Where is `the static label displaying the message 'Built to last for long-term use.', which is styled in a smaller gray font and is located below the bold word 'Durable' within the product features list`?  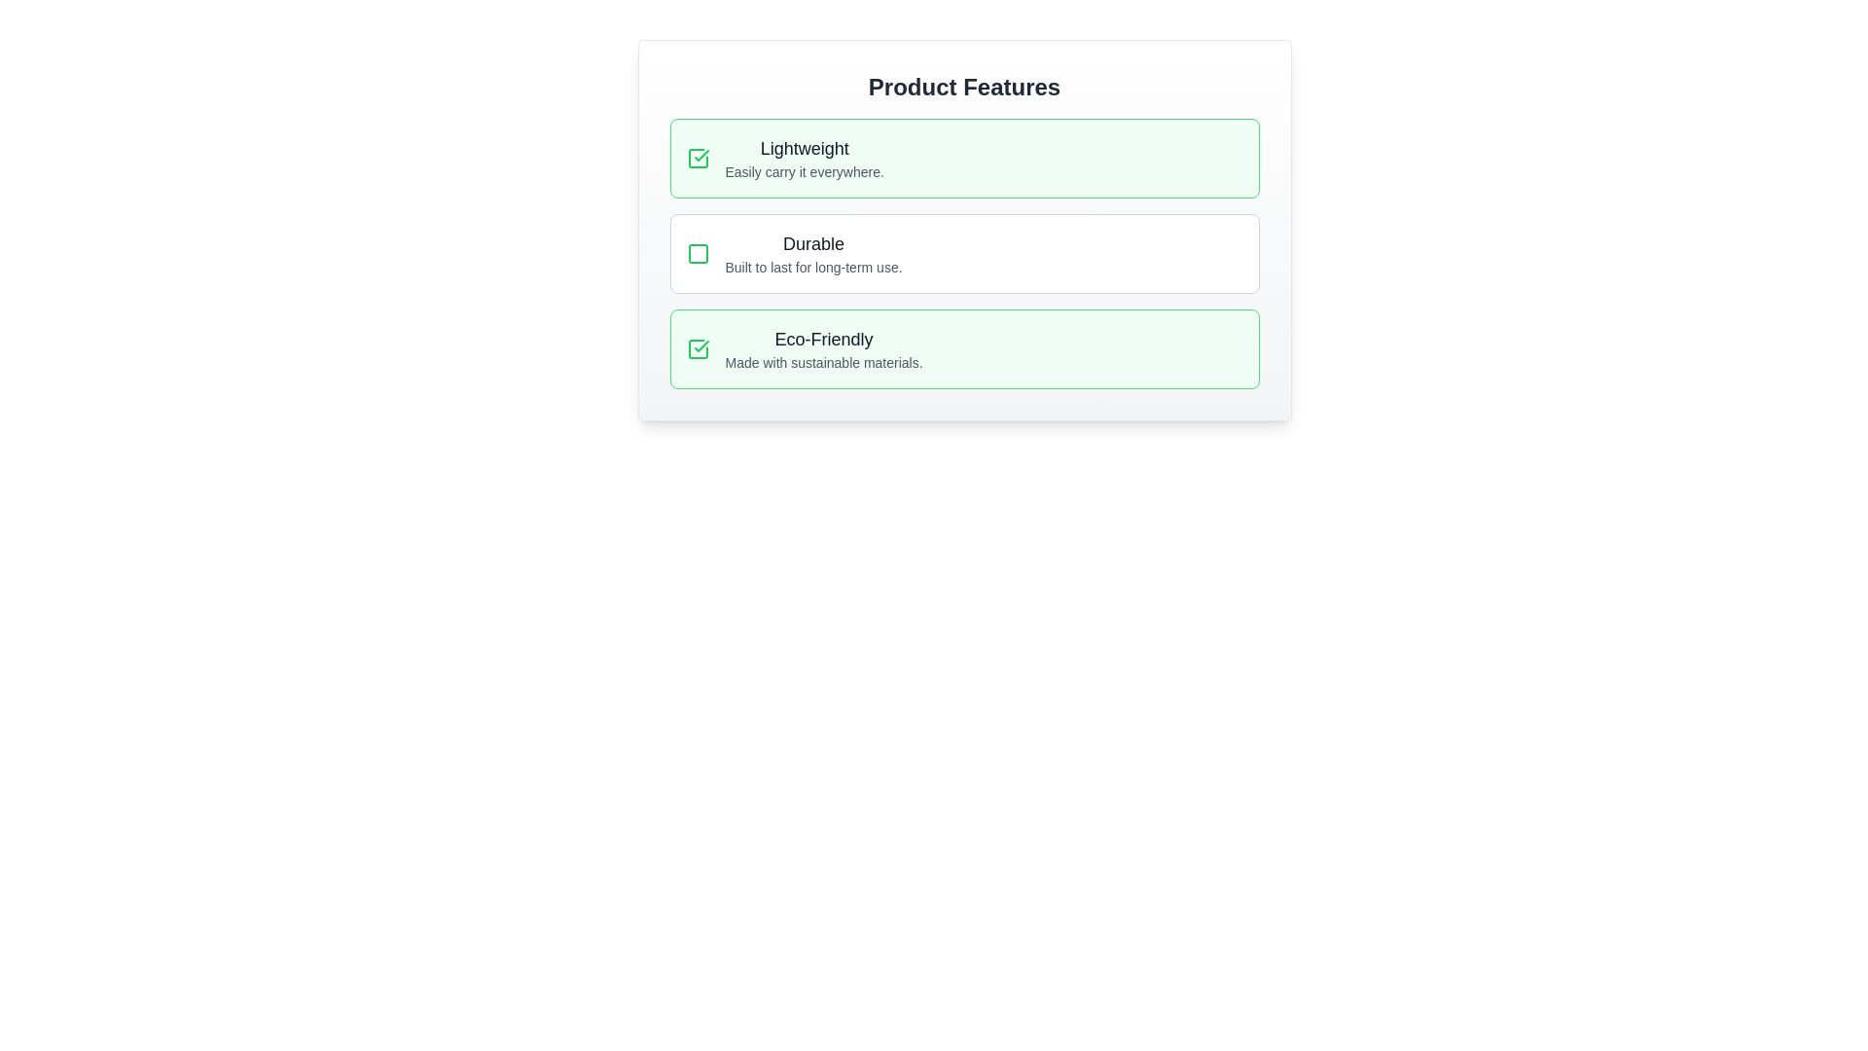 the static label displaying the message 'Built to last for long-term use.', which is styled in a smaller gray font and is located below the bold word 'Durable' within the product features list is located at coordinates (813, 267).